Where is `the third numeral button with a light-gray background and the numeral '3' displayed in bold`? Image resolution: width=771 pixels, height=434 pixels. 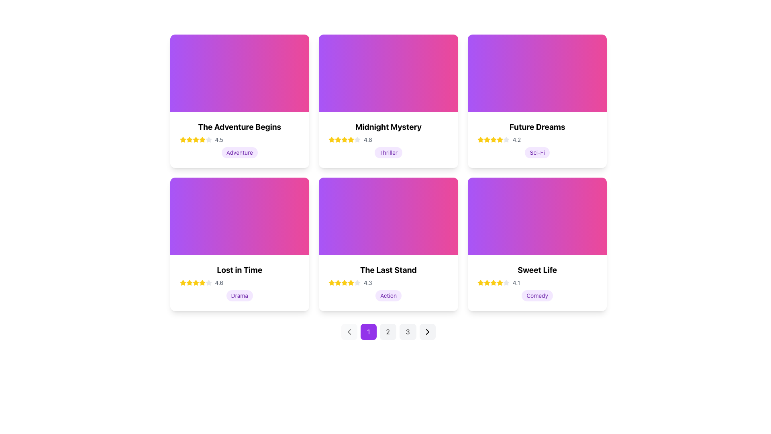
the third numeral button with a light-gray background and the numeral '3' displayed in bold is located at coordinates (408, 332).